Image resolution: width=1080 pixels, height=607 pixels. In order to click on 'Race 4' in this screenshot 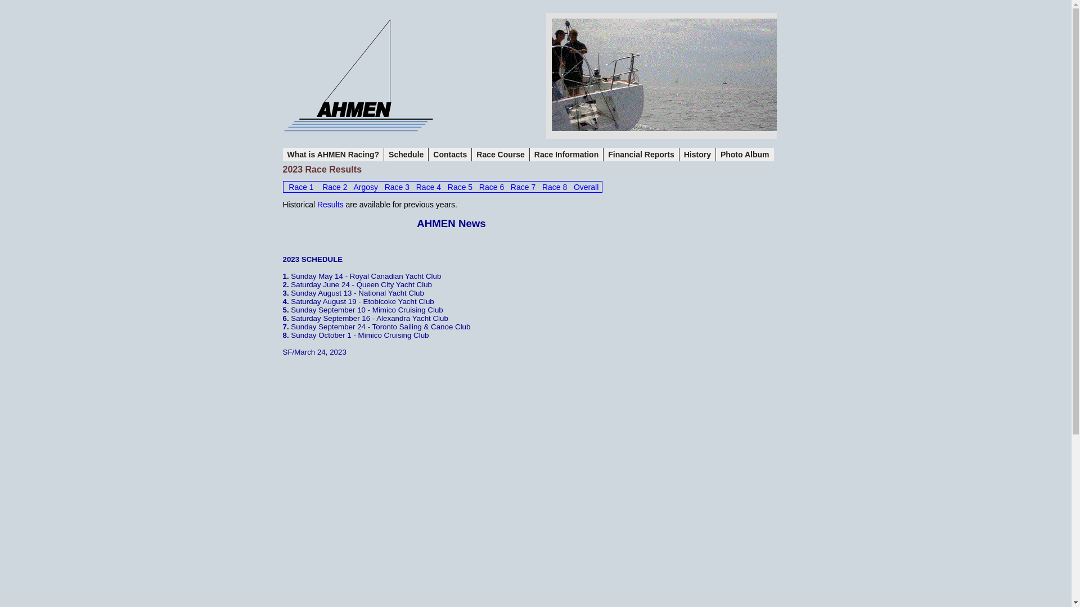, I will do `click(428, 186)`.